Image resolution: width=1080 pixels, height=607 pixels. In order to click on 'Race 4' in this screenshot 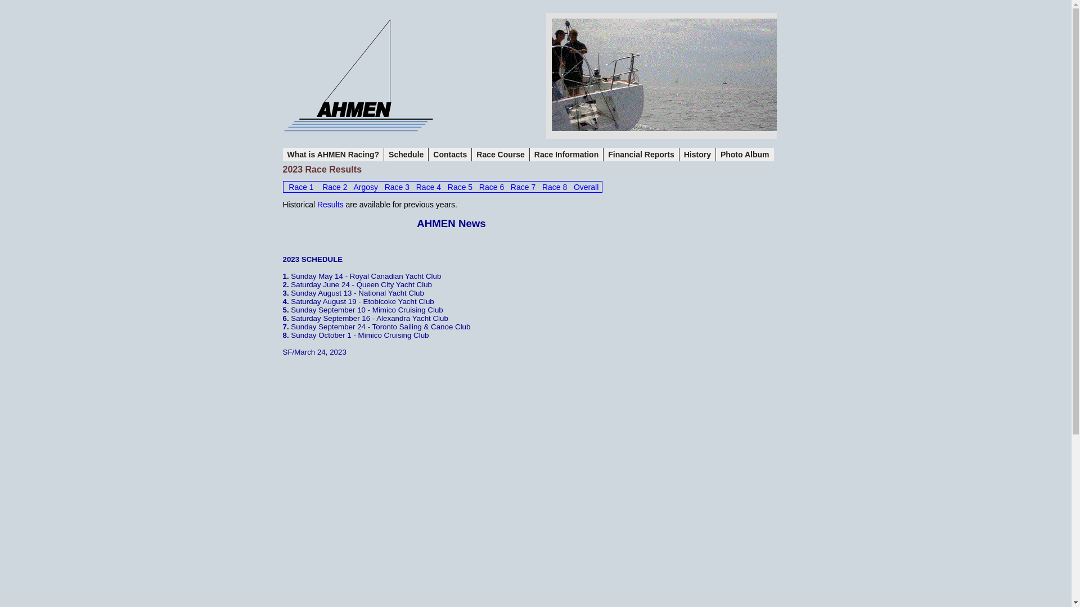, I will do `click(428, 186)`.